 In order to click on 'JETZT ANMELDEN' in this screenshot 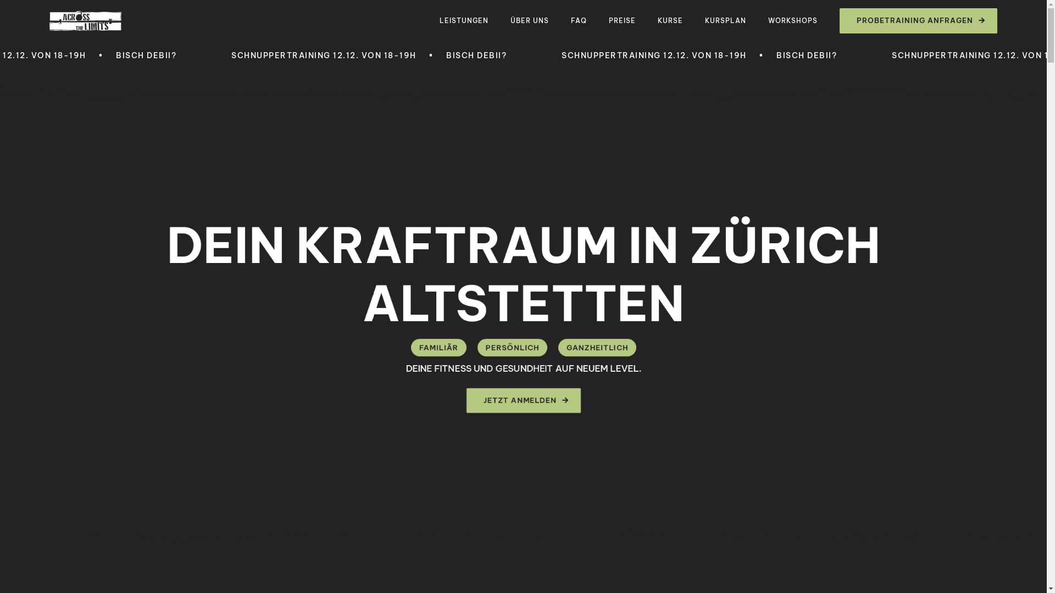, I will do `click(522, 400)`.